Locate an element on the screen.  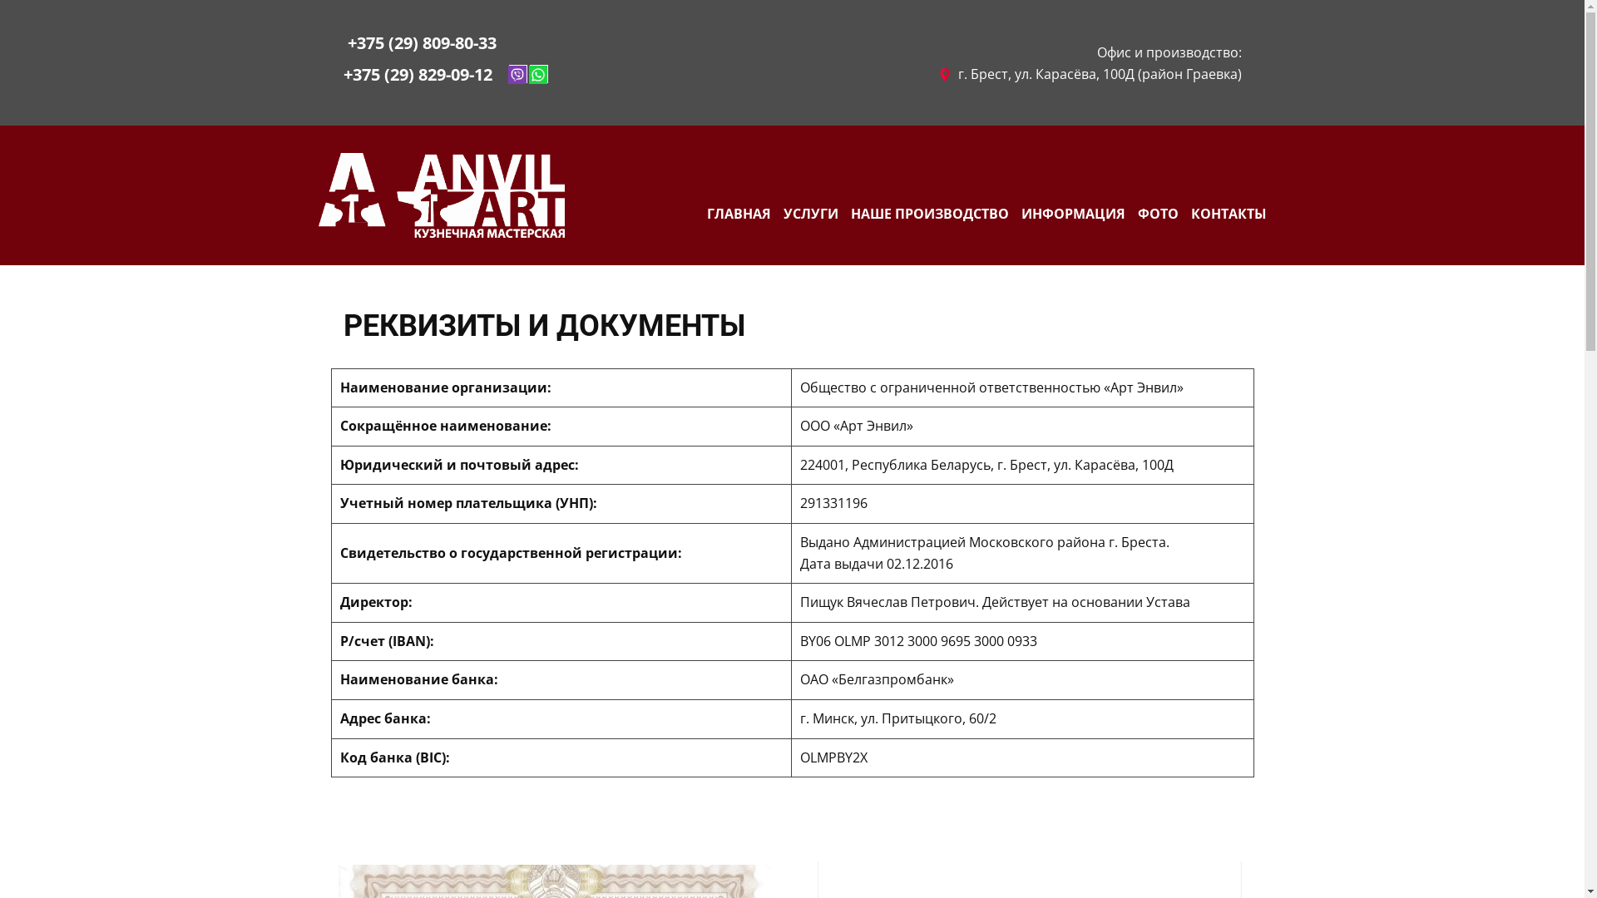
'+375 (29) 829-09-12' is located at coordinates (417, 73).